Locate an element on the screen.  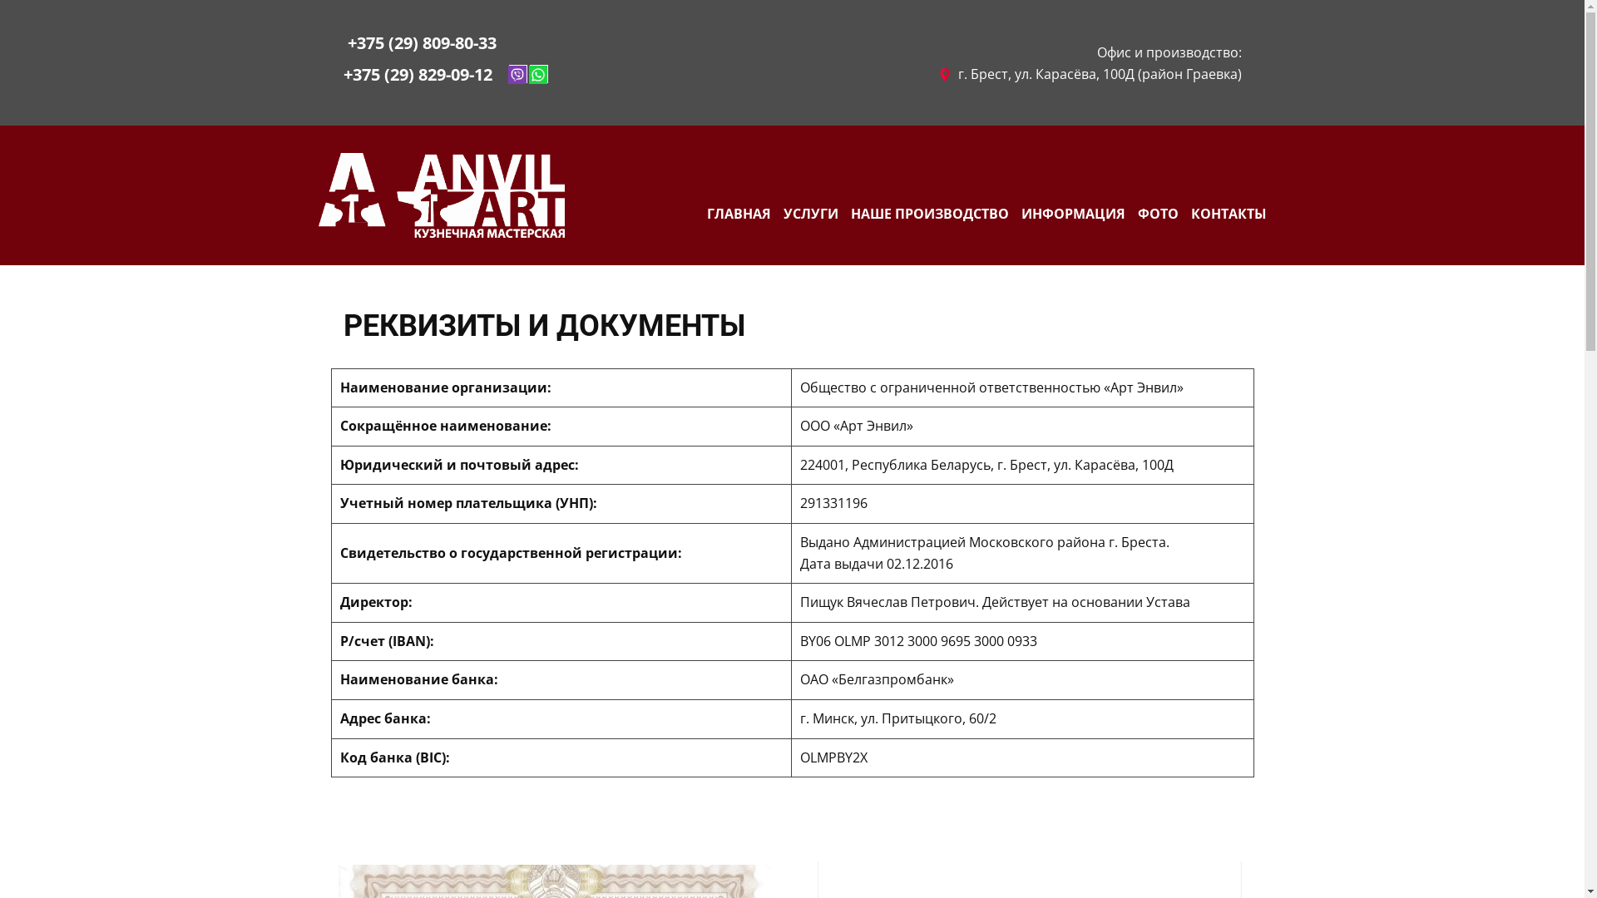
'+375 (29) 829-09-12' is located at coordinates (417, 73).